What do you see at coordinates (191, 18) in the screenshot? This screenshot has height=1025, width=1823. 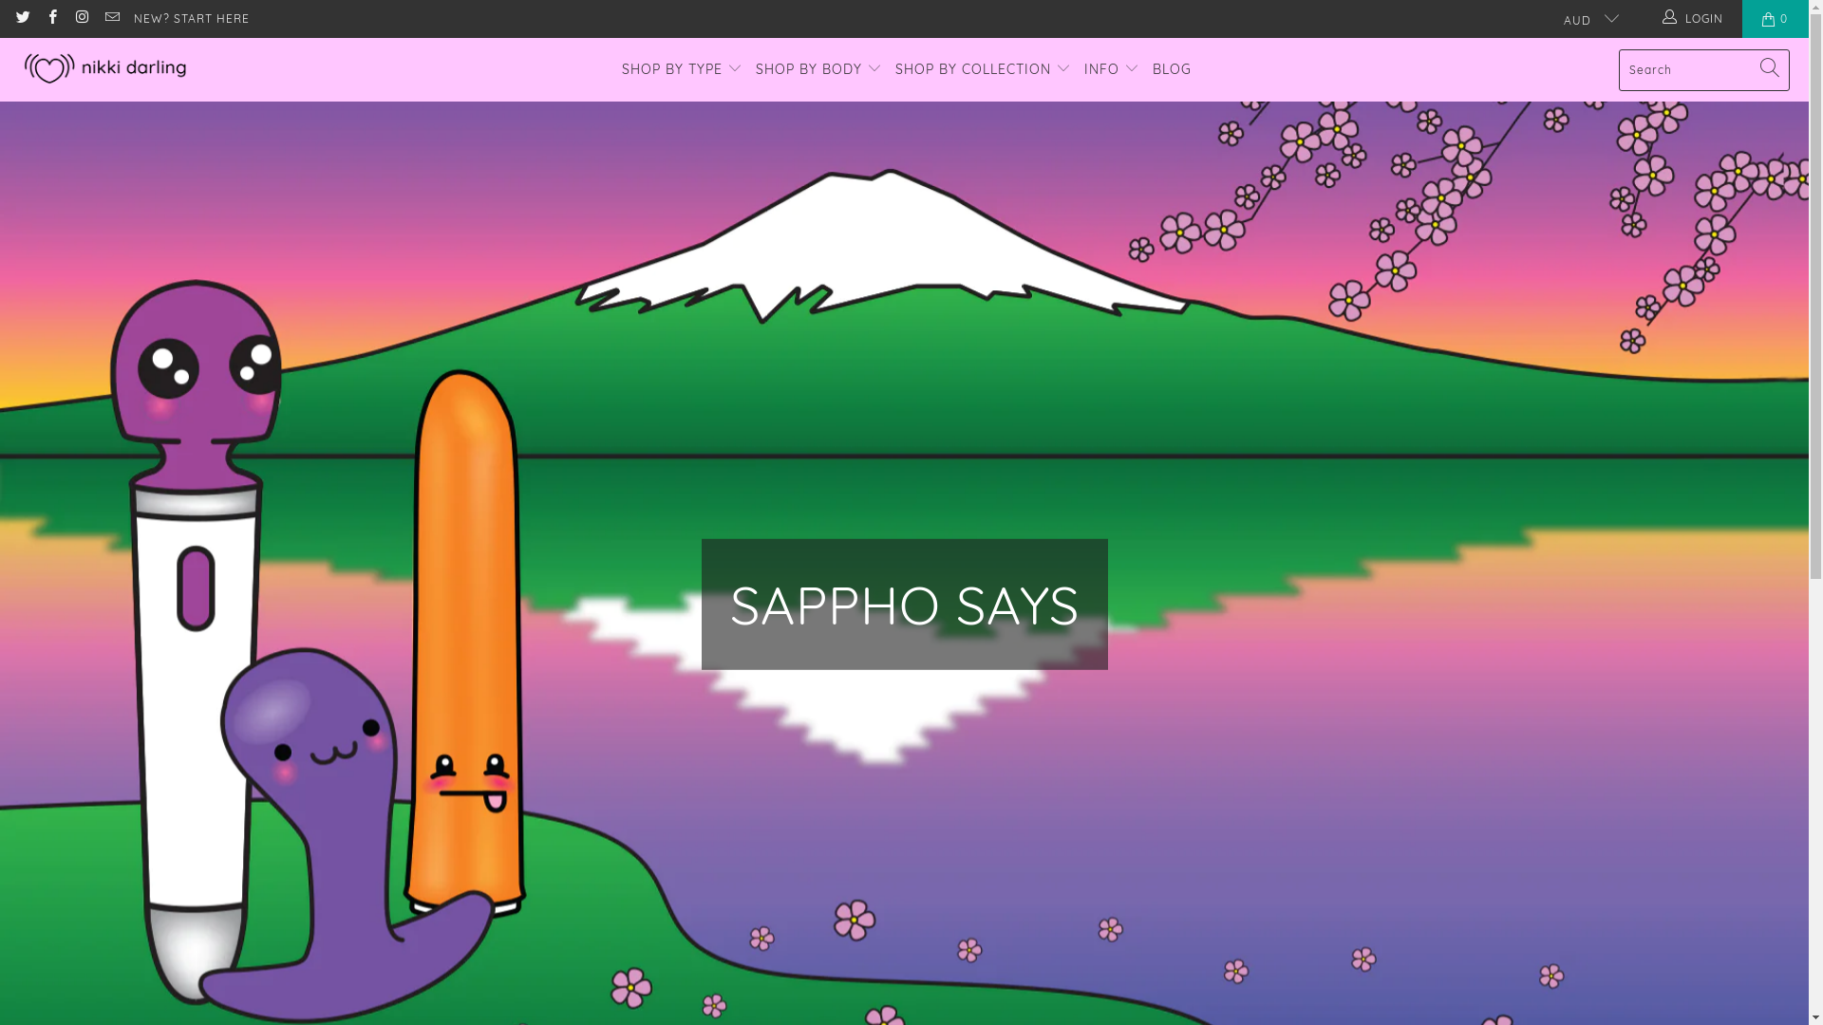 I see `'NEW? START HERE'` at bounding box center [191, 18].